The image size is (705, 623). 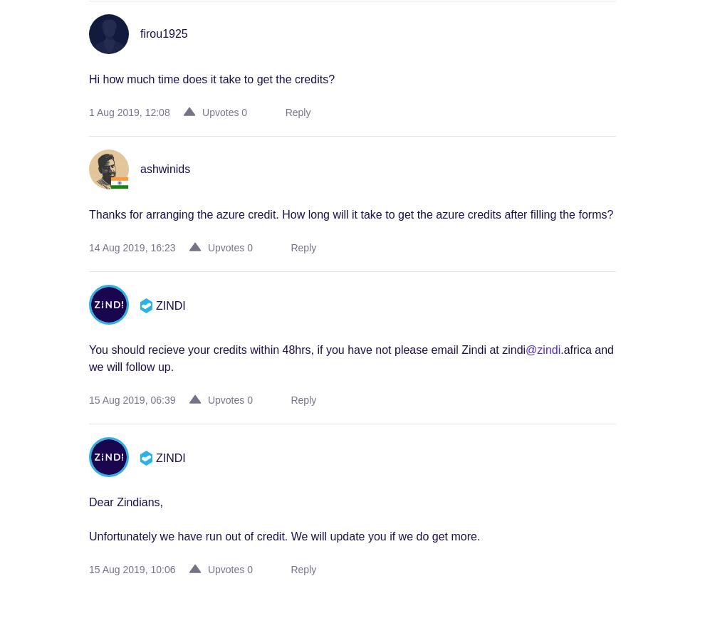 What do you see at coordinates (88, 502) in the screenshot?
I see `'Dear Zindians,'` at bounding box center [88, 502].